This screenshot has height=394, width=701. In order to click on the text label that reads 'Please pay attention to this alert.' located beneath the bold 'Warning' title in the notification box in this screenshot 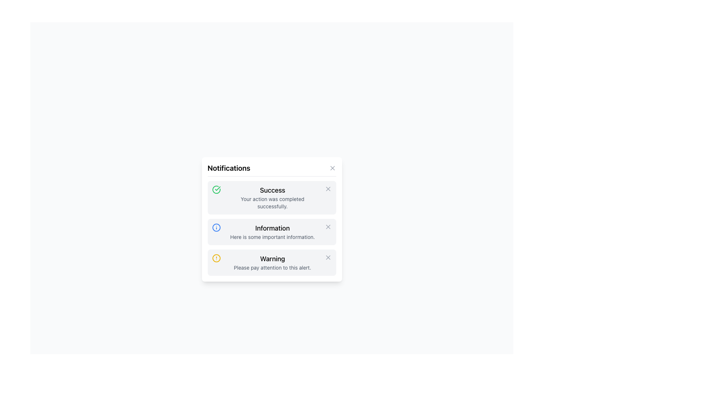, I will do `click(272, 267)`.